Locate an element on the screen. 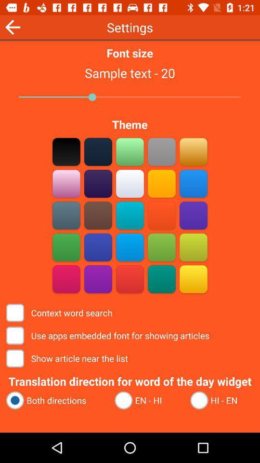  cream theme is located at coordinates (130, 183).